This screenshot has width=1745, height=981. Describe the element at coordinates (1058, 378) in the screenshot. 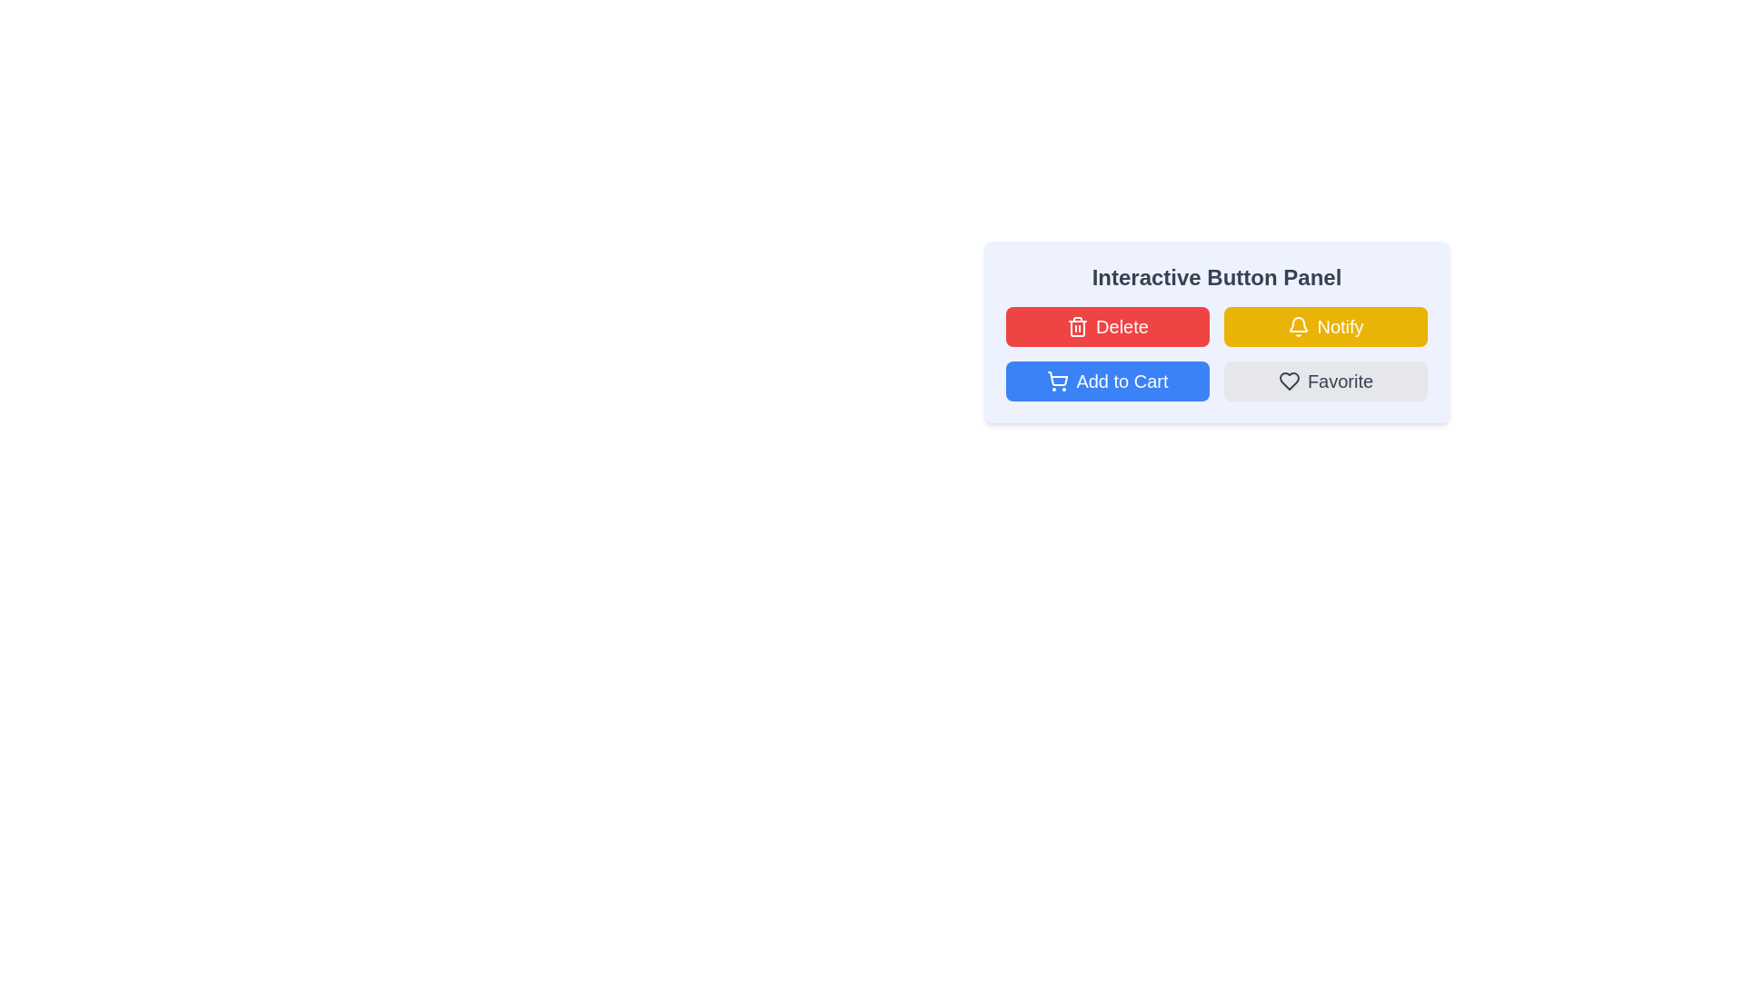

I see `the shopping cart icon within the blue 'Add to Cart' button, located in the bottom left of the button panel` at that location.